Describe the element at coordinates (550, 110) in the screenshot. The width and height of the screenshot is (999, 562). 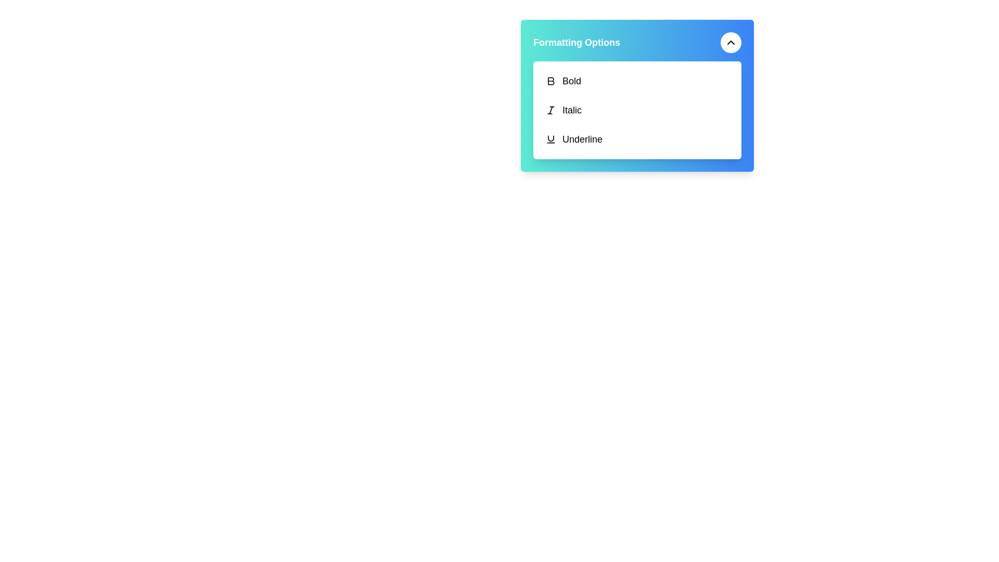
I see `the italic formatting icon located beside the label 'Italic' in the 'Formatting Options' section` at that location.